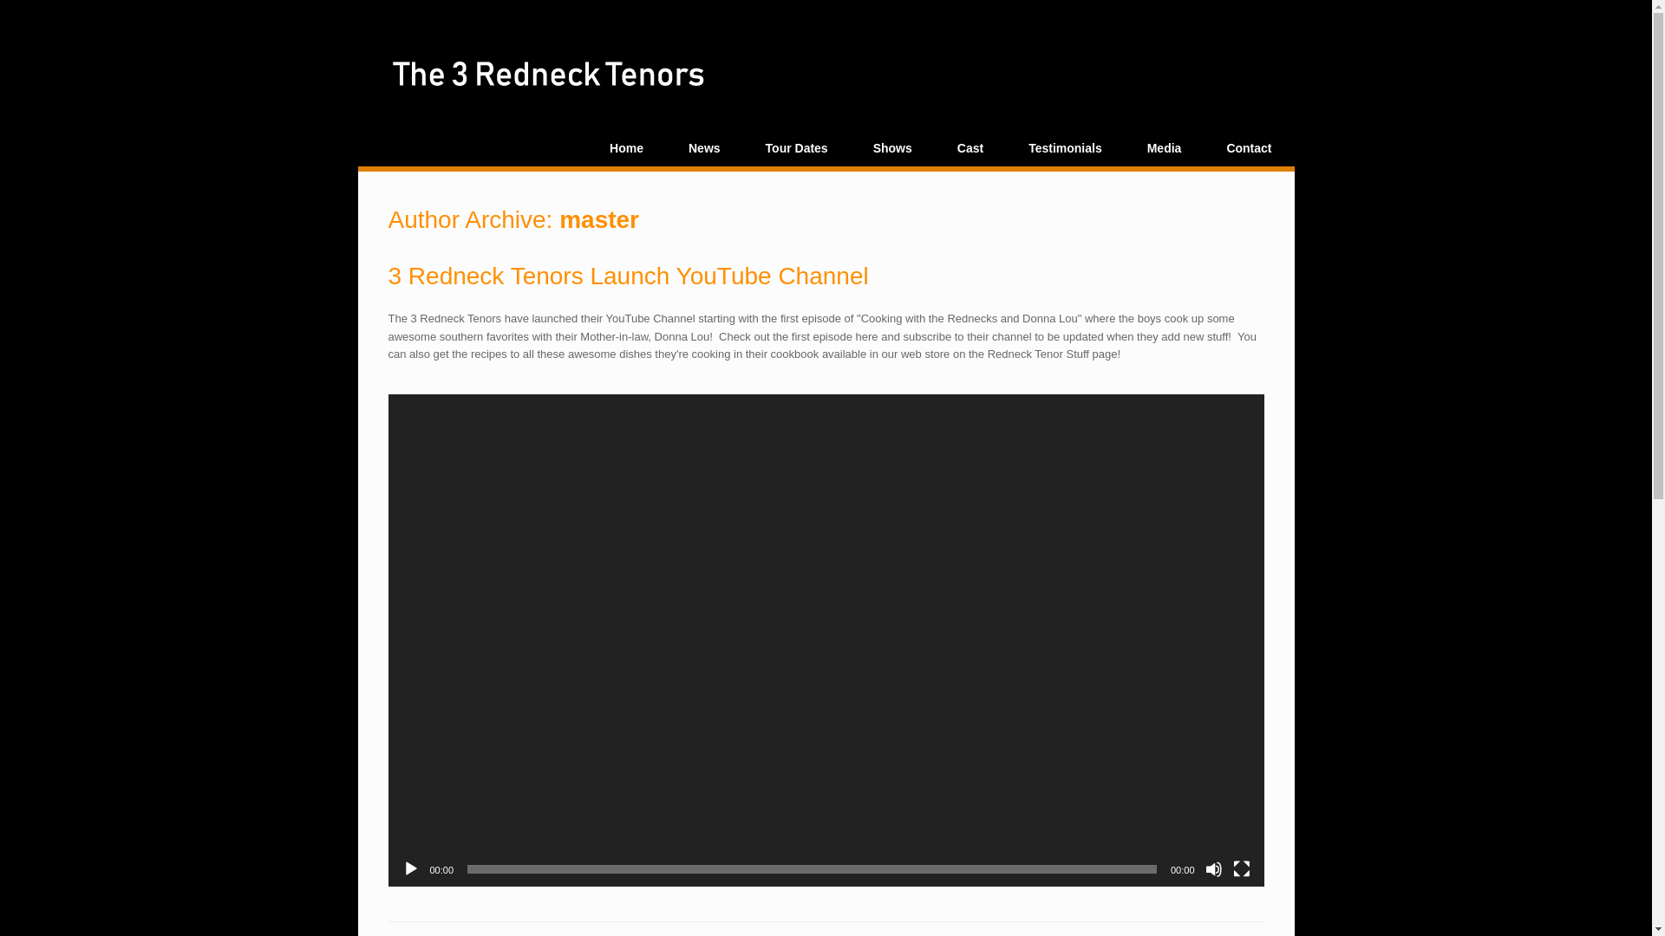 The image size is (1665, 936). I want to click on 'Contact', so click(1202, 146).